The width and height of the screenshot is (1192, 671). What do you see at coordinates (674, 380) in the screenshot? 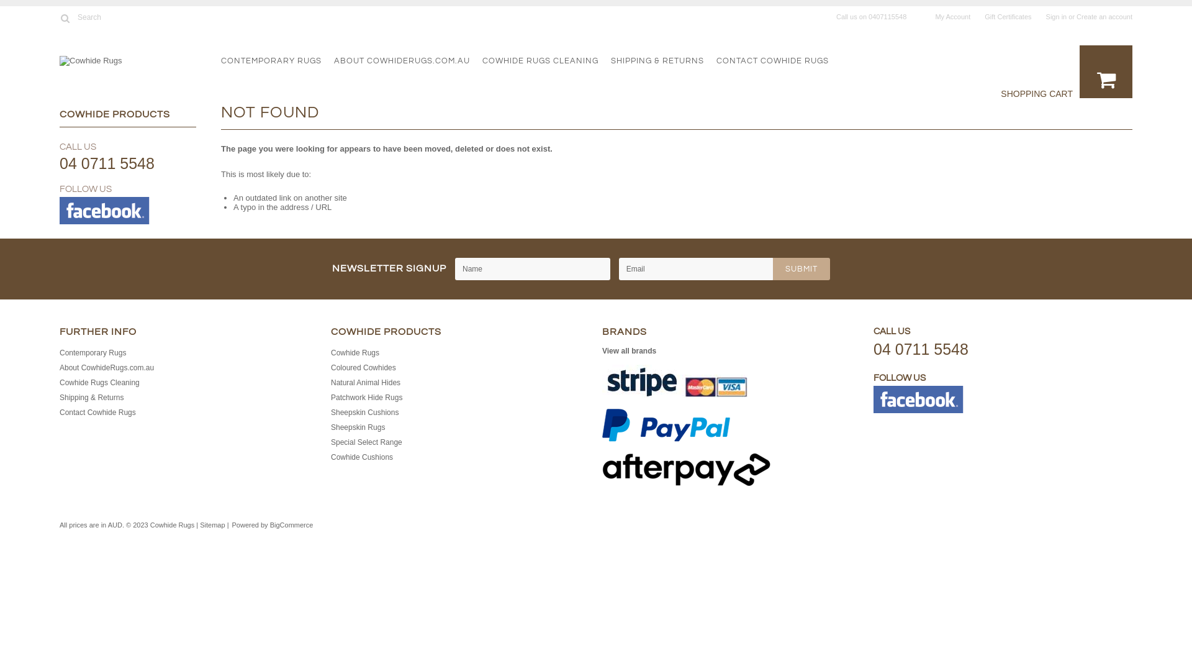
I see `'Stripe'` at bounding box center [674, 380].